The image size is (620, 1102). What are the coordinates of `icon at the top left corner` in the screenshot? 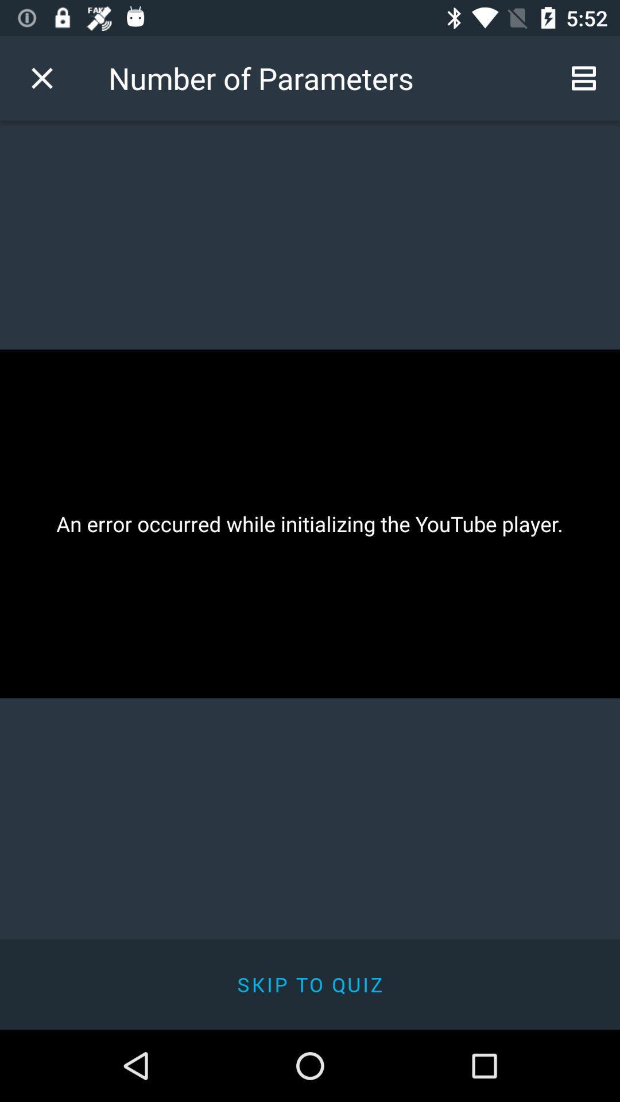 It's located at (41, 77).